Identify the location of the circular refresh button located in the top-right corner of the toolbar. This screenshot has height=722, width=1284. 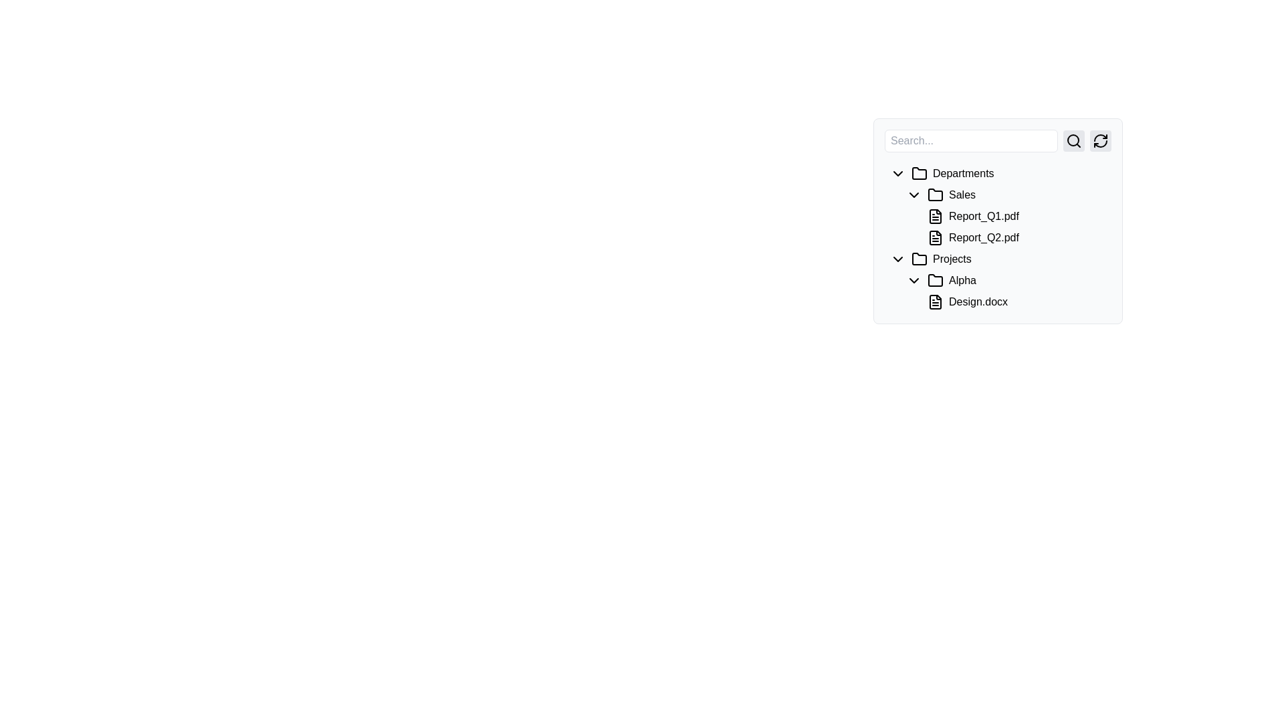
(1101, 141).